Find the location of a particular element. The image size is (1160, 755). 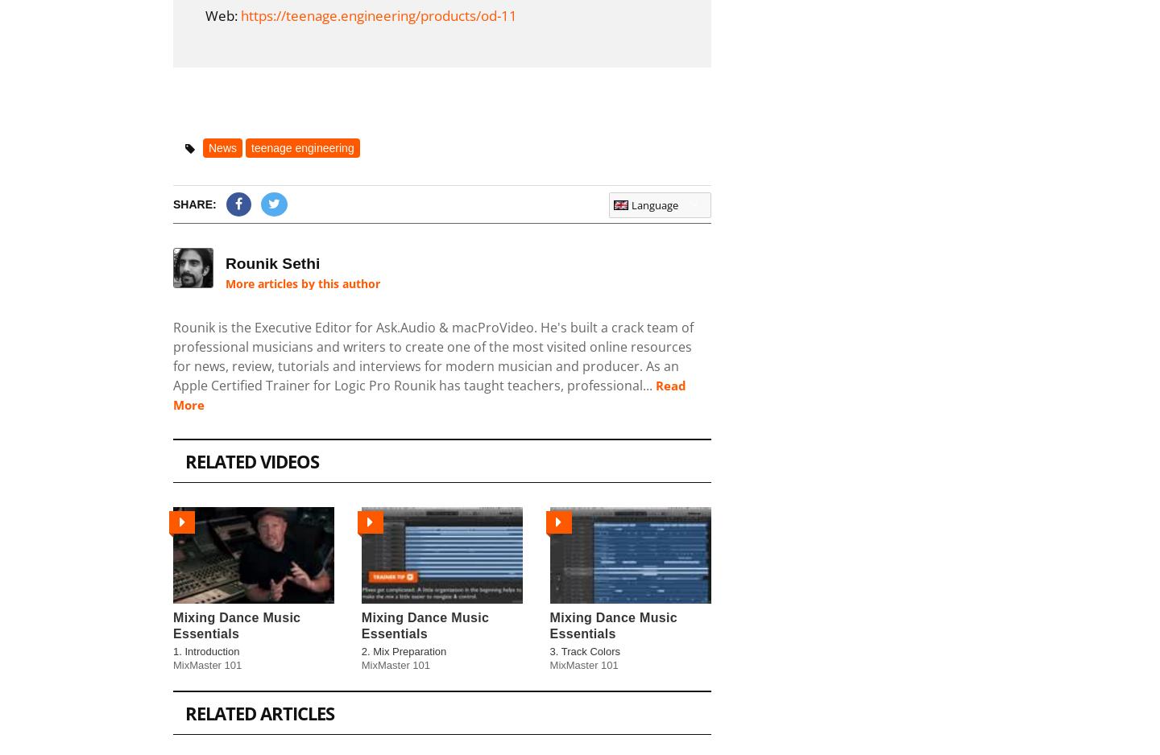

'https://teenage.engineering/products/od-11' is located at coordinates (379, 14).